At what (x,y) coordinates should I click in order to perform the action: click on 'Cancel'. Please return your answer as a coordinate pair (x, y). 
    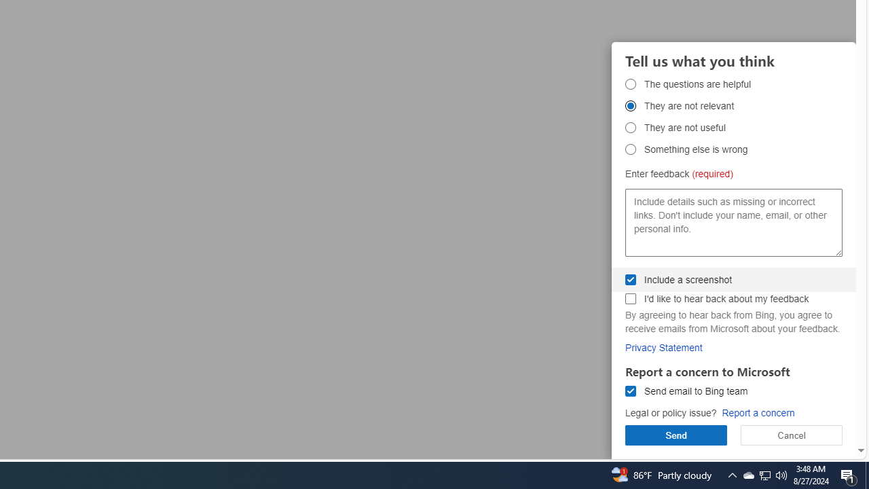
    Looking at the image, I should click on (792, 435).